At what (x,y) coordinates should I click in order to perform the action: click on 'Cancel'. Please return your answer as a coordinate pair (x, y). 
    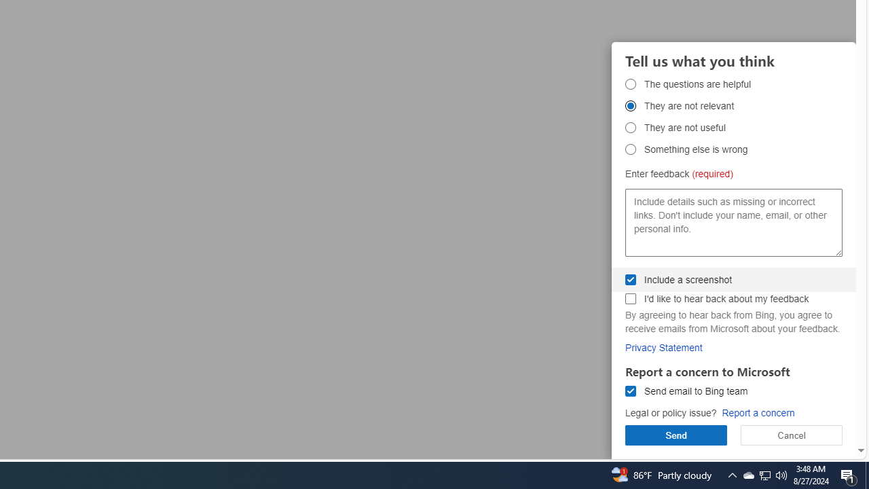
    Looking at the image, I should click on (792, 435).